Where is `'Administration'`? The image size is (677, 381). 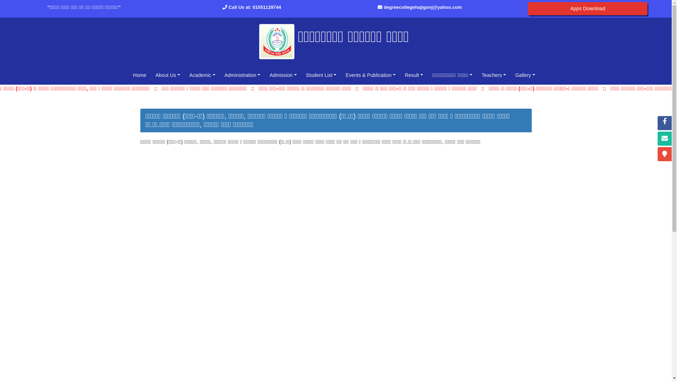
'Administration' is located at coordinates (221, 75).